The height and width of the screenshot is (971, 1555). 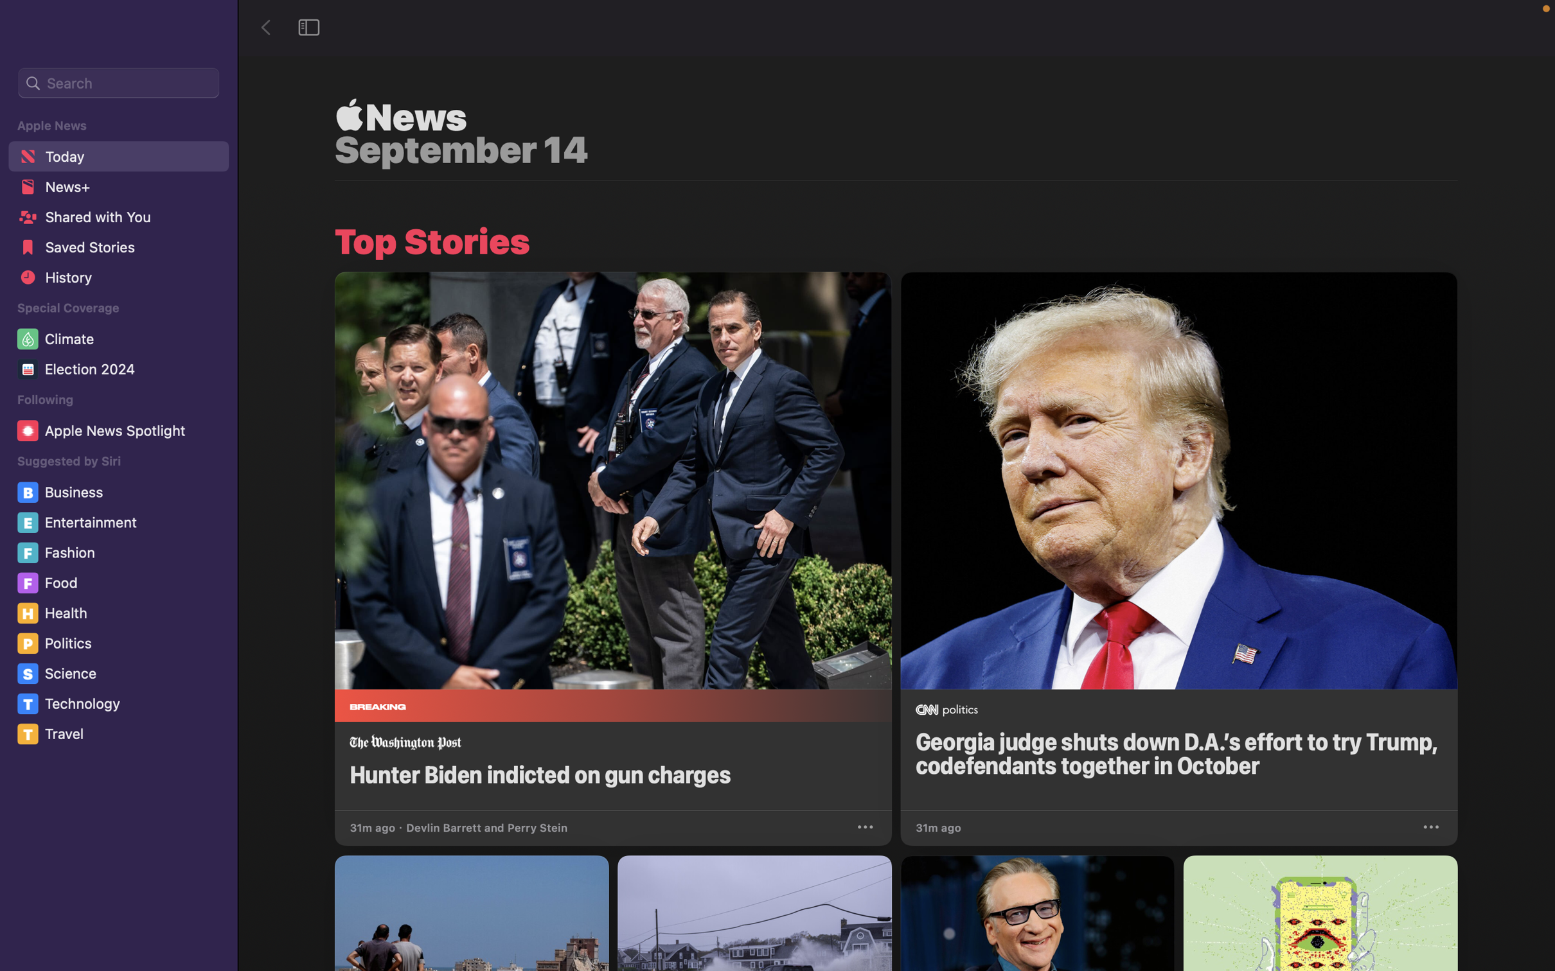 What do you see at coordinates (117, 250) in the screenshot?
I see `the stored news articles` at bounding box center [117, 250].